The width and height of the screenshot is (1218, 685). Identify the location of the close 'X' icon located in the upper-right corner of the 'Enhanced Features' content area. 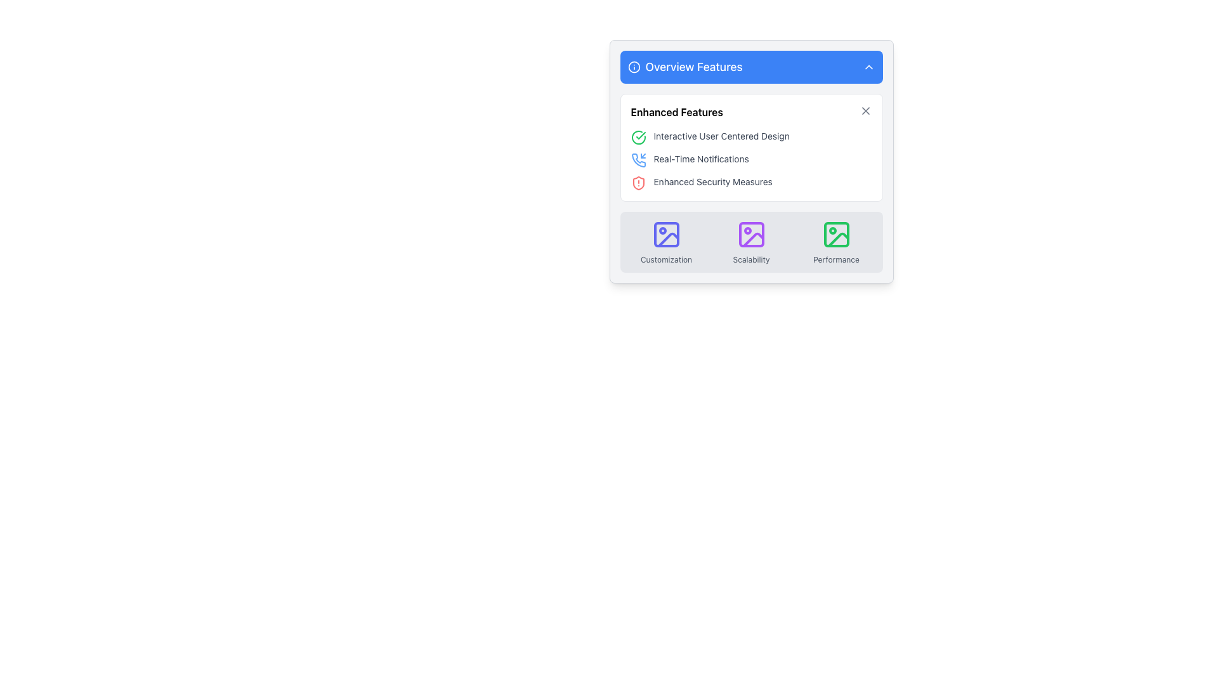
(865, 110).